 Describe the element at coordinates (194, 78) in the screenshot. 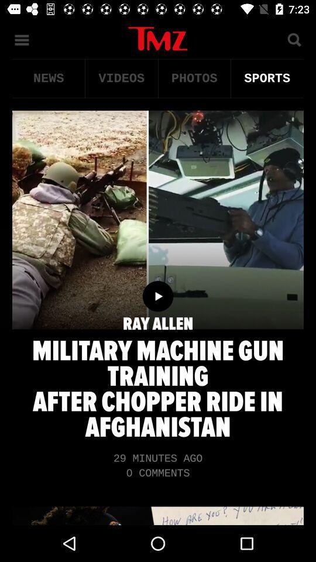

I see `the icon to the right of videos app` at that location.